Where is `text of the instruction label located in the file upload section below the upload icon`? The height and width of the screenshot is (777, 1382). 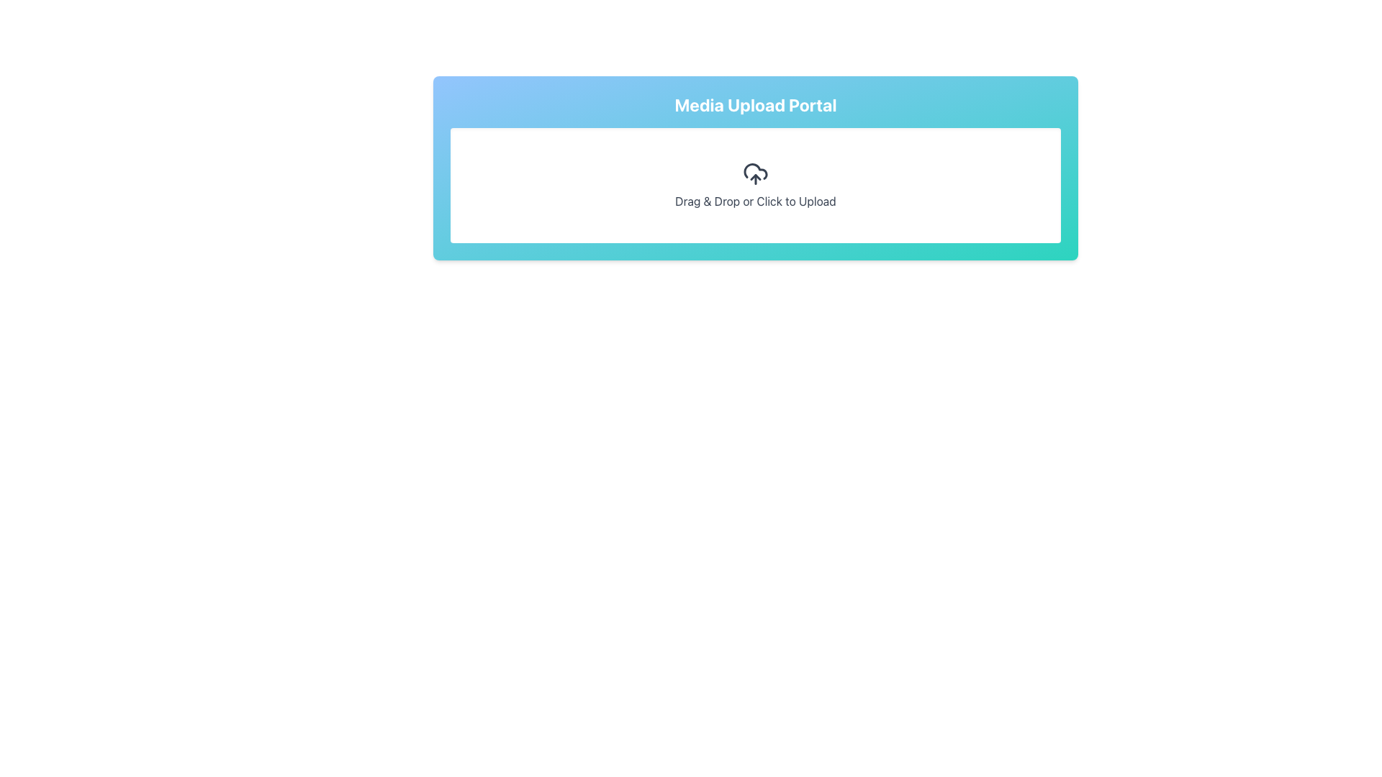 text of the instruction label located in the file upload section below the upload icon is located at coordinates (755, 201).